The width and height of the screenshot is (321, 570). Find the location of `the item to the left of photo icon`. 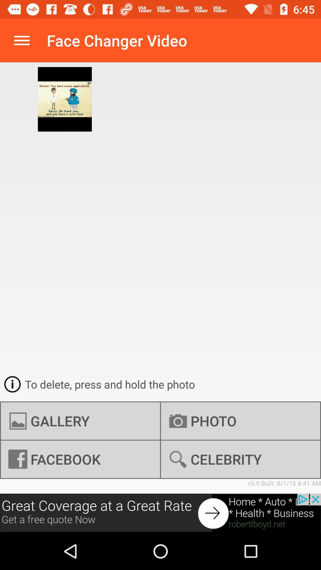

the item to the left of photo icon is located at coordinates (80, 459).